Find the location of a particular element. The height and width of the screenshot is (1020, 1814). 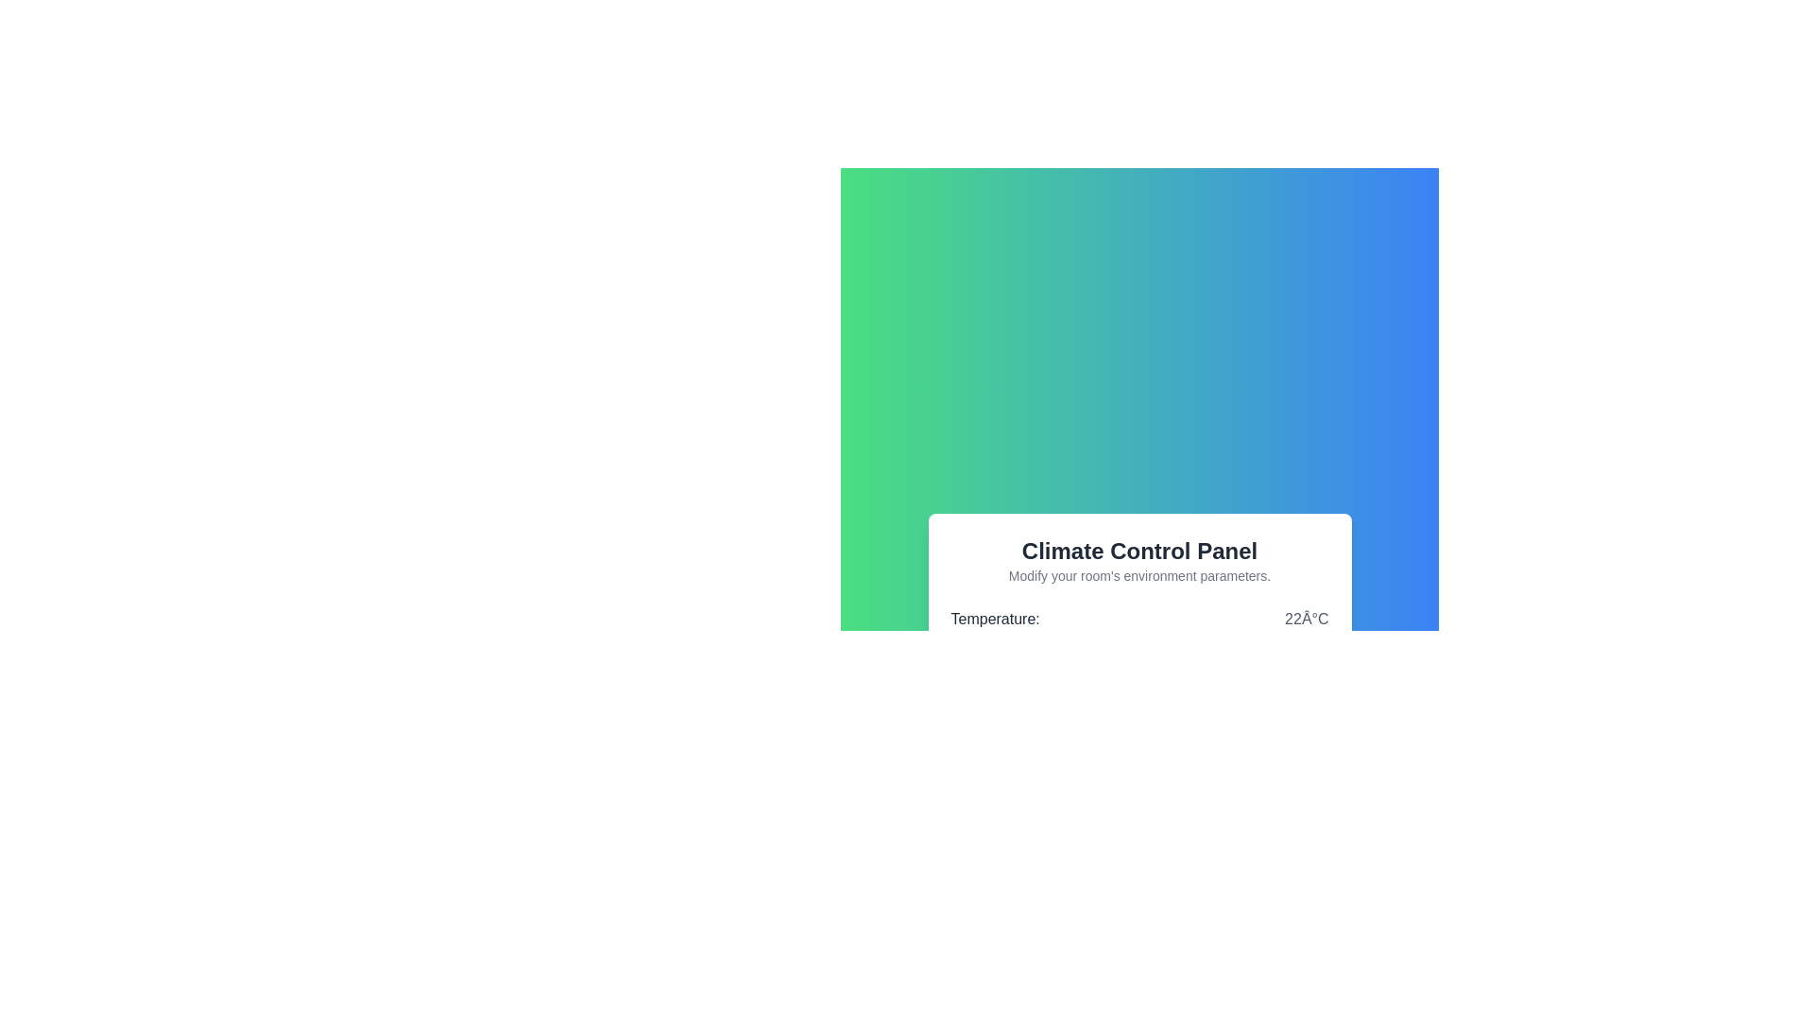

the text displaying '22°C' styled with gray color, which is located adjacent to the label 'Temperature:' in the Climate Control Panel is located at coordinates (1306, 619).